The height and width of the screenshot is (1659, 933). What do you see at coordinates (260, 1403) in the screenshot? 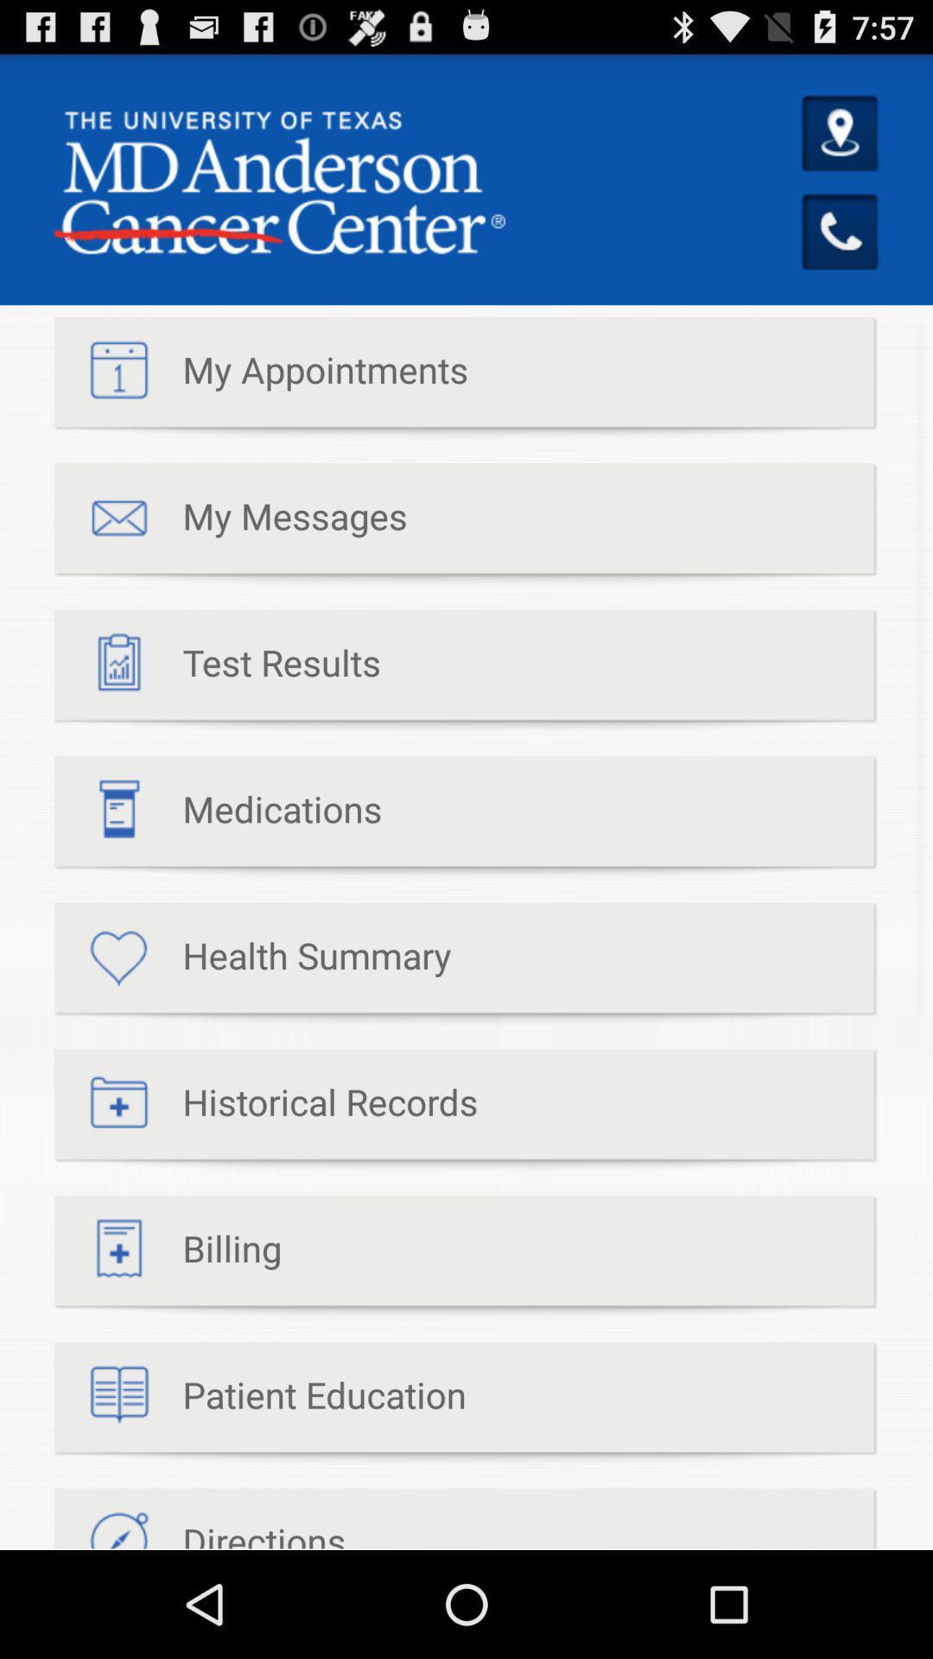
I see `the patient education icon` at bounding box center [260, 1403].